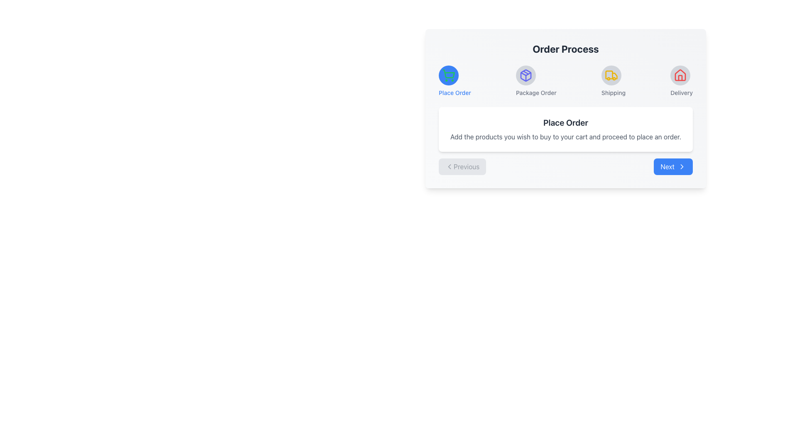  I want to click on the shopping cart icon, which is the first step in the 'Order Process' sequence, marked with a blue circular background, so click(448, 75).